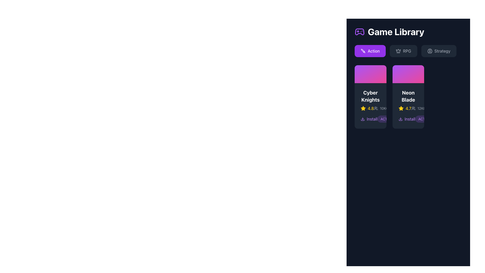  What do you see at coordinates (370, 51) in the screenshot?
I see `the 'Action' filter button located at the top of the 'Game Library' menu` at bounding box center [370, 51].